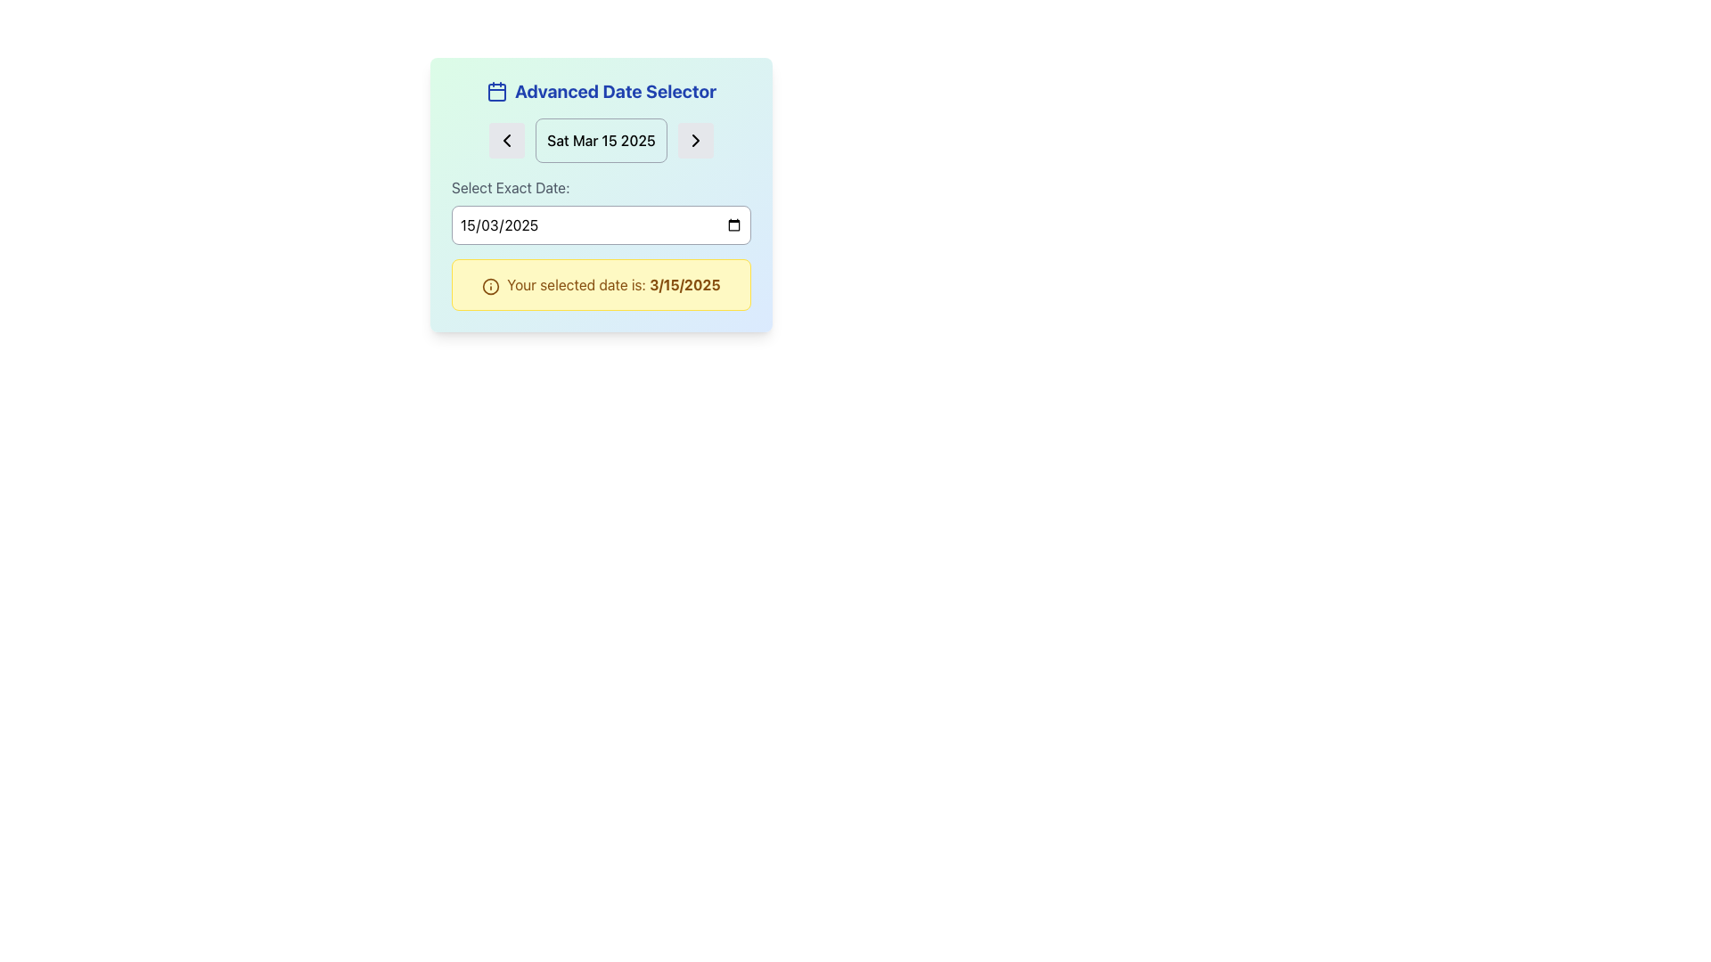  What do you see at coordinates (616, 92) in the screenshot?
I see `the 'Advanced Date Selector' text label at the top-center of the UI` at bounding box center [616, 92].